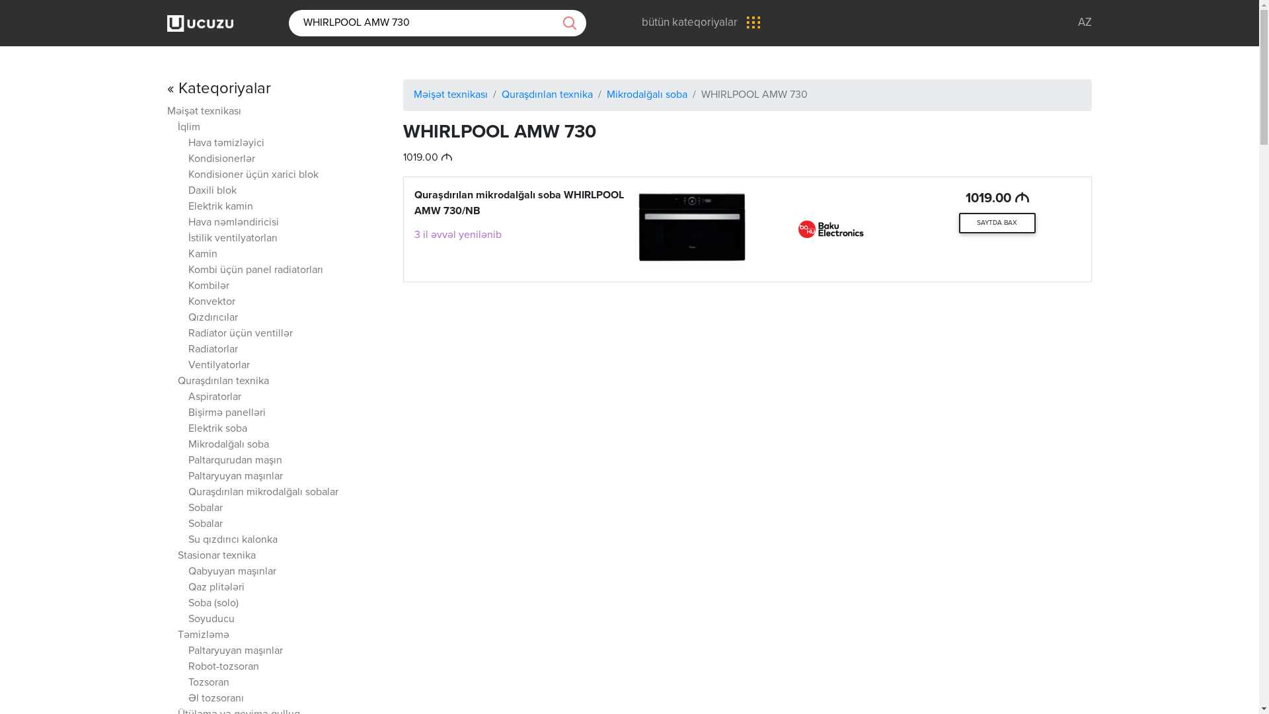  Describe the element at coordinates (221, 207) in the screenshot. I see `'Elektrik kamin'` at that location.